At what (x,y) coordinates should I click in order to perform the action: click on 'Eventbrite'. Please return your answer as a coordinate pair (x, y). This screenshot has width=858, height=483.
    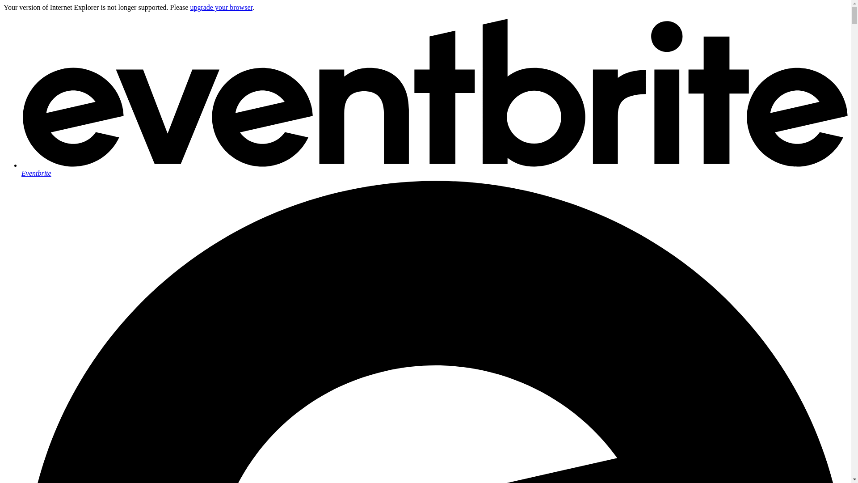
    Looking at the image, I should click on (434, 169).